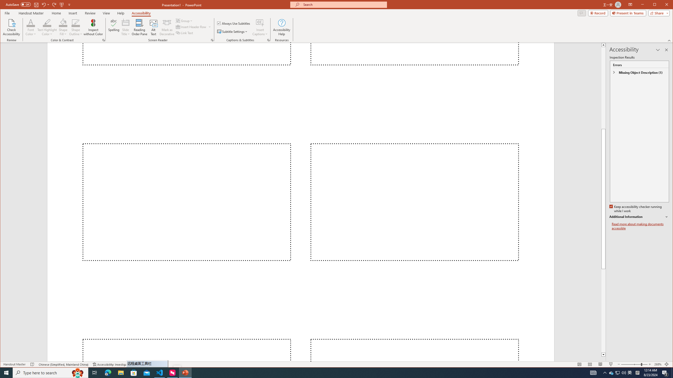 The height and width of the screenshot is (378, 673). Describe the element at coordinates (282, 27) in the screenshot. I see `'Accessibility Help'` at that location.